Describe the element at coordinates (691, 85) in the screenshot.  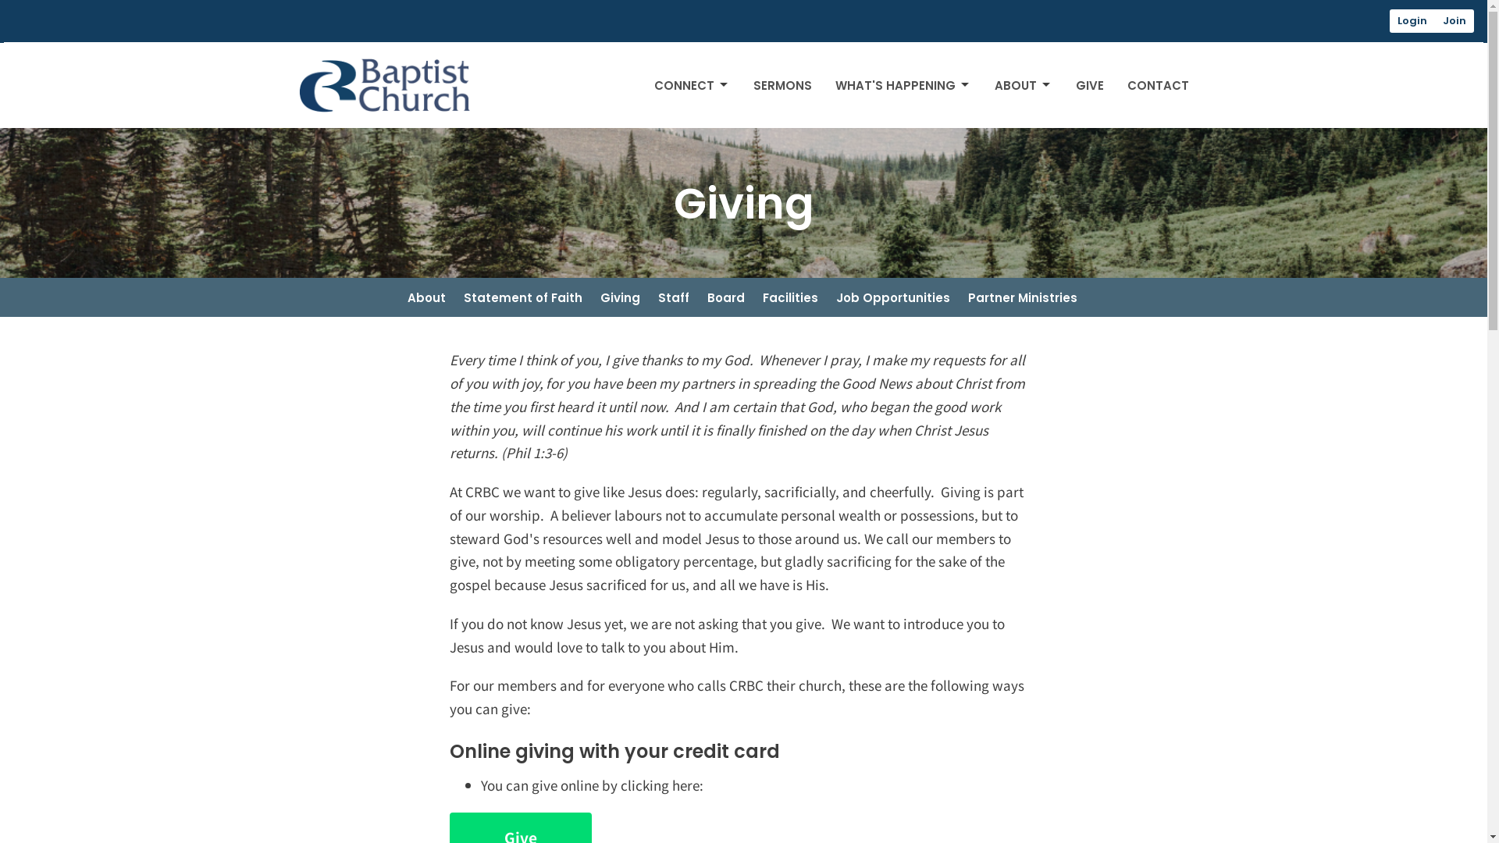
I see `'CONNECT'` at that location.